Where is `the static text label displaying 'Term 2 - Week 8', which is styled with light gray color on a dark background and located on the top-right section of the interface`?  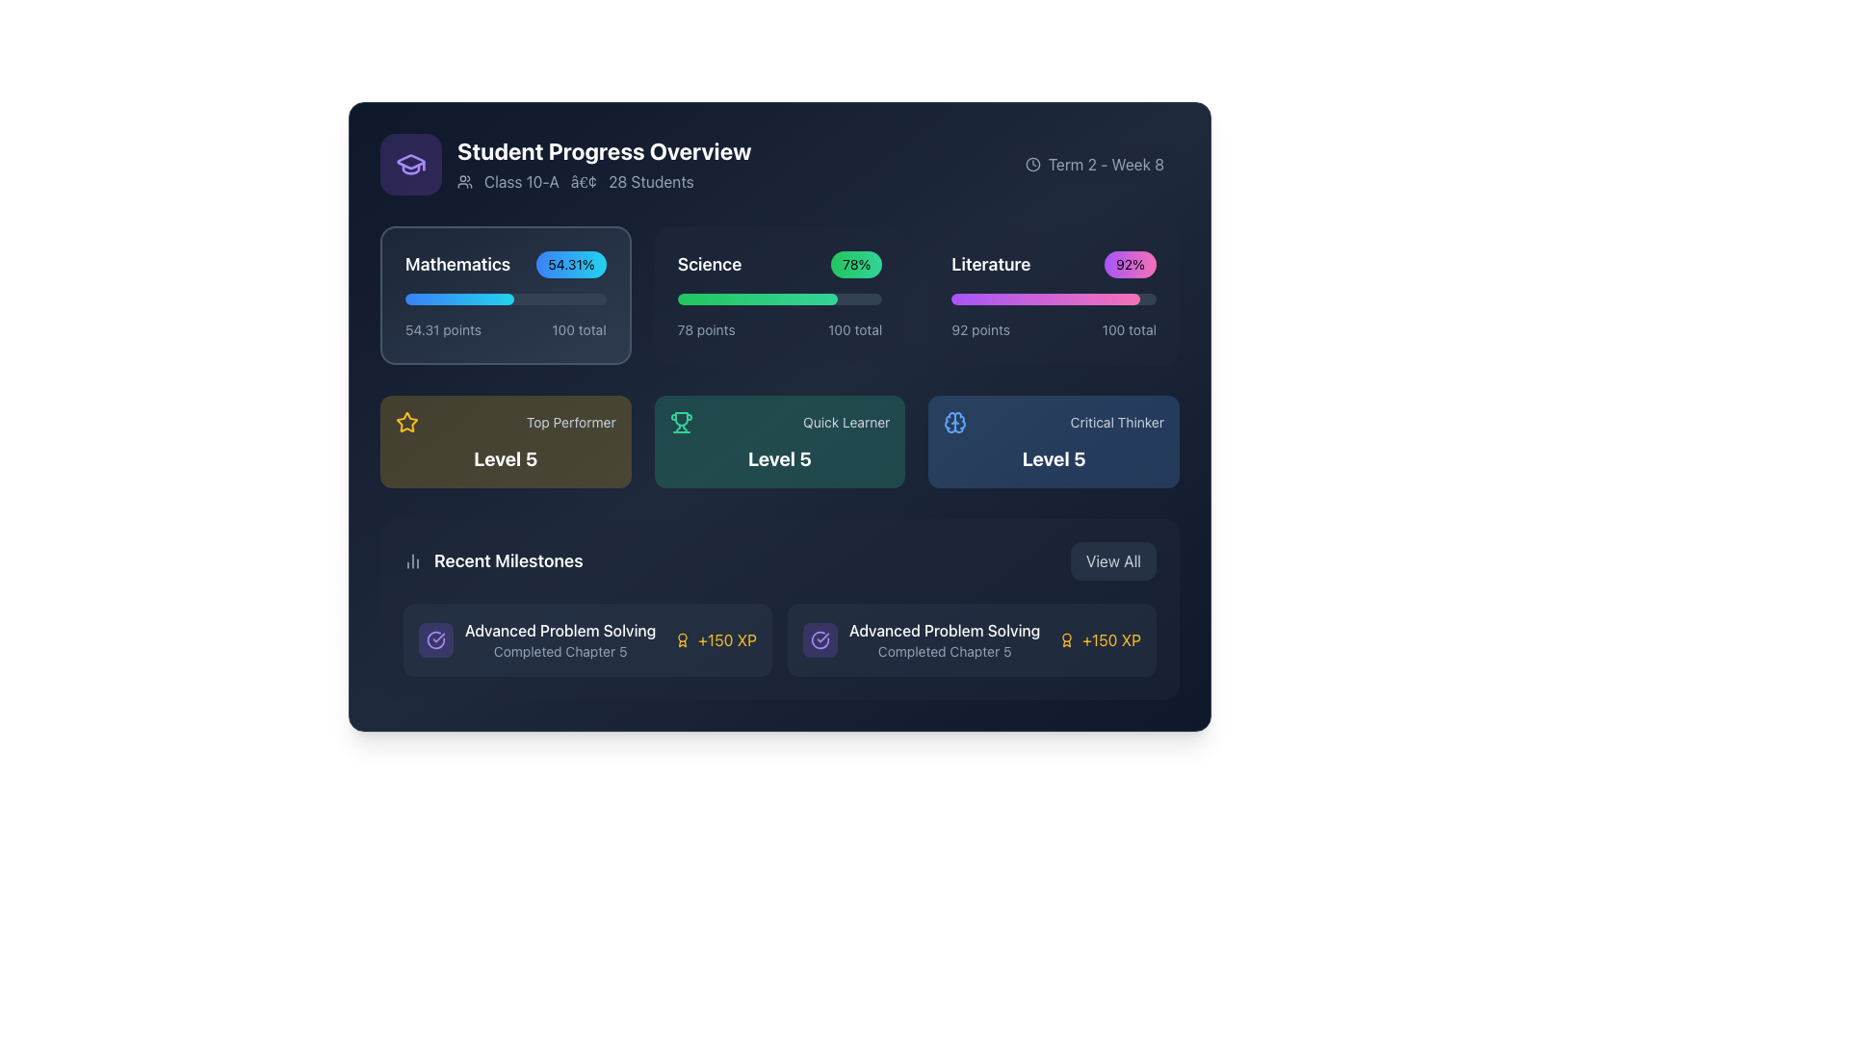 the static text label displaying 'Term 2 - Week 8', which is styled with light gray color on a dark background and located on the top-right section of the interface is located at coordinates (1106, 163).